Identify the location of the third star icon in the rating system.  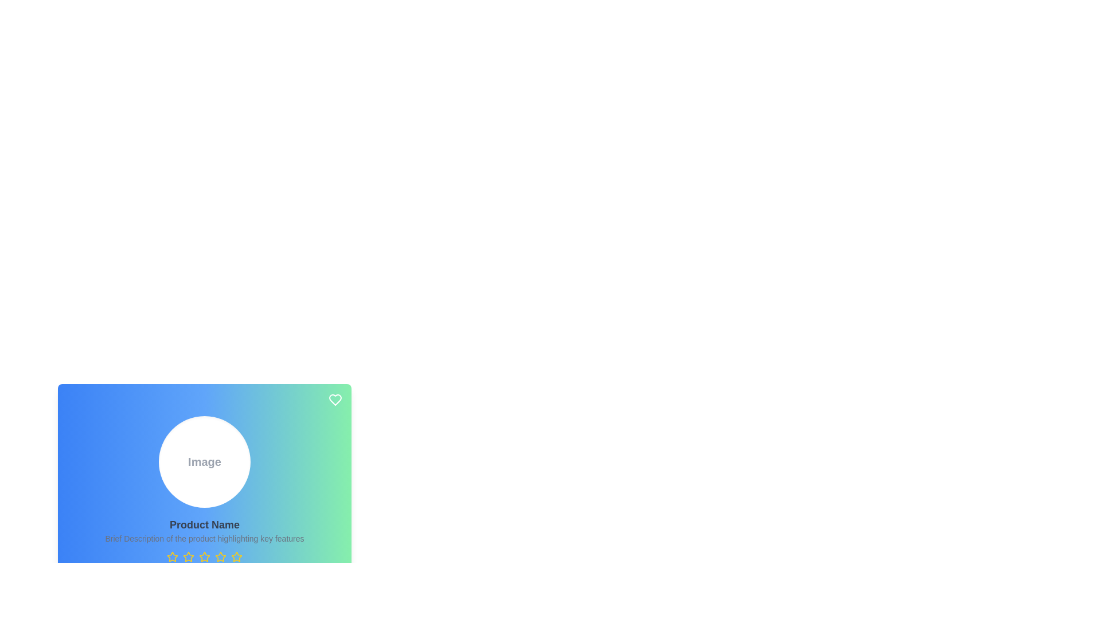
(189, 557).